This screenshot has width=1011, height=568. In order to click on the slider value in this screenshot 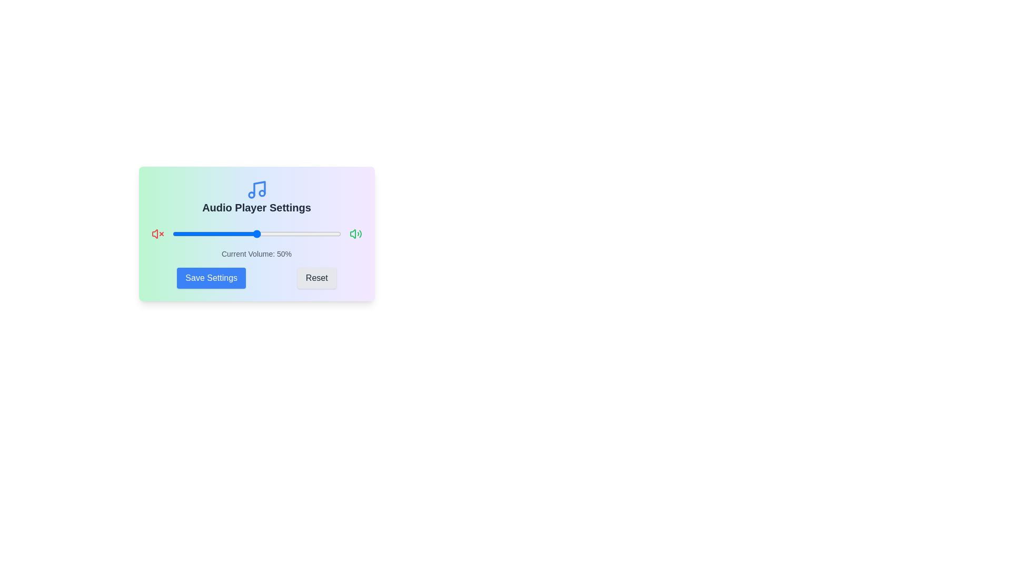, I will do `click(219, 233)`.